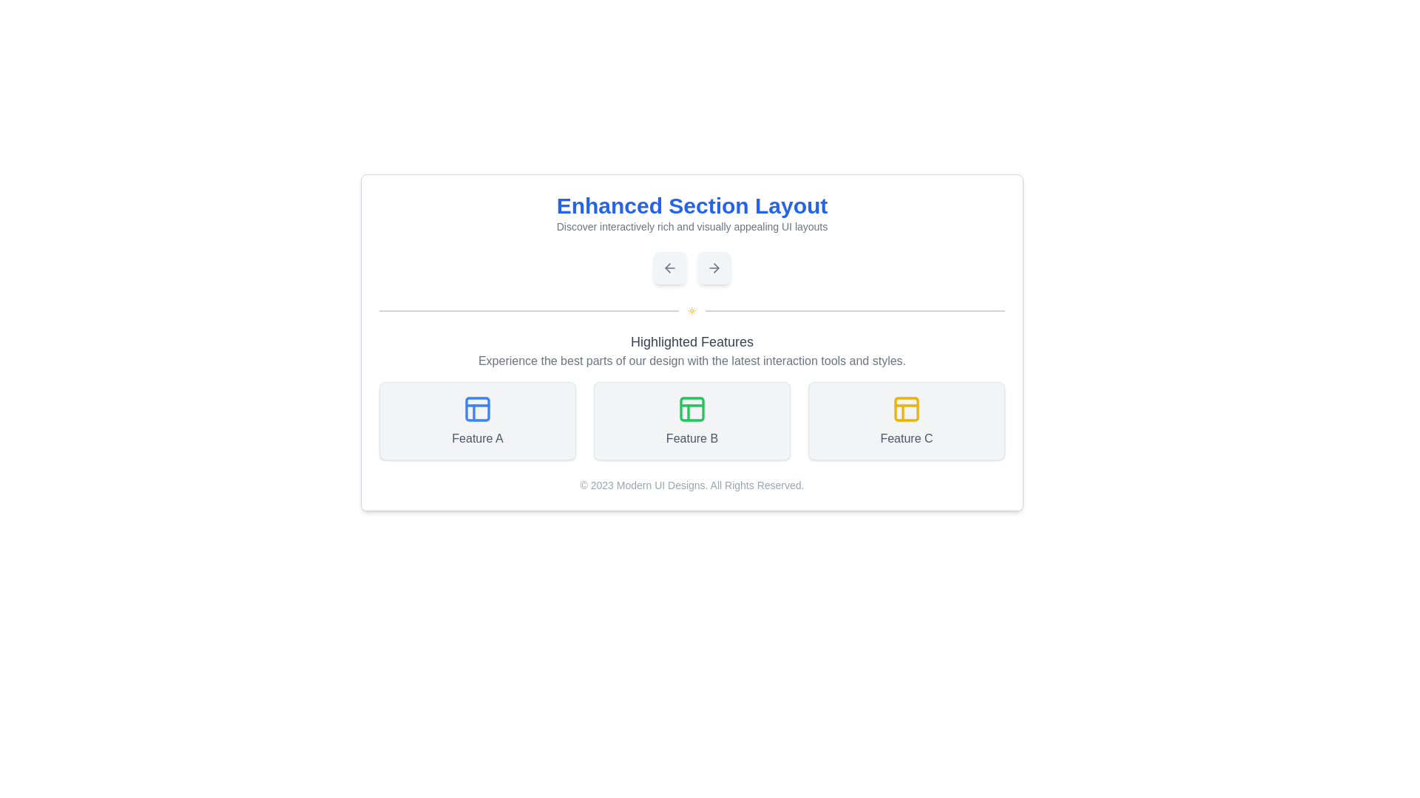  Describe the element at coordinates (692, 341) in the screenshot. I see `the Text label element, which serves as a heading or title for the following content, positioned at the top of its section` at that location.